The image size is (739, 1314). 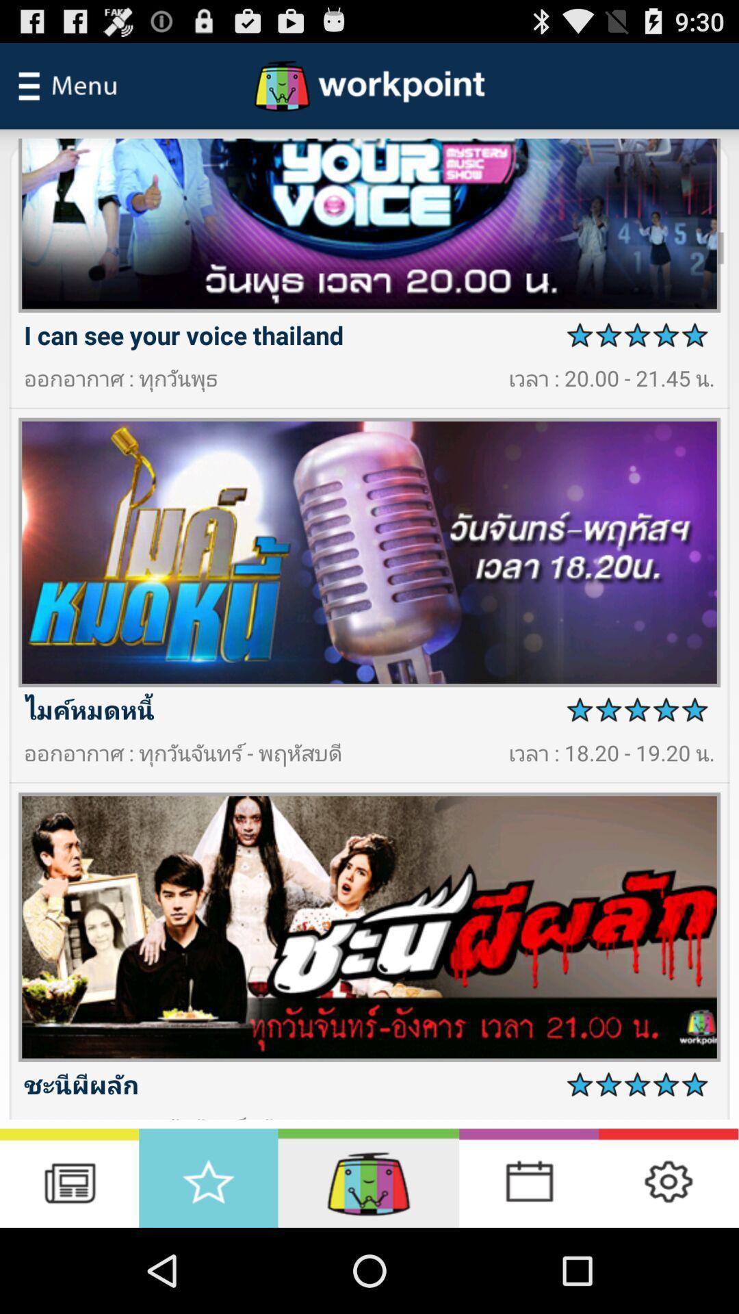 I want to click on option button, so click(x=367, y=1177).